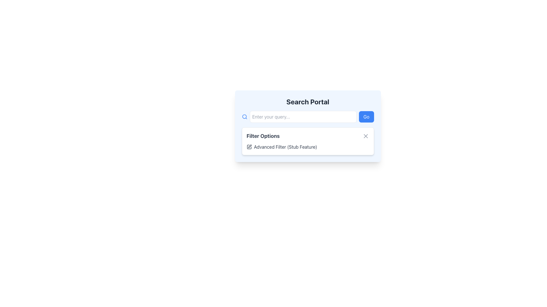  Describe the element at coordinates (244, 116) in the screenshot. I see `the circular graphic element of the Search icon, which has a blue outer stroke and a lighter inner fill, located to the left of the text input box` at that location.